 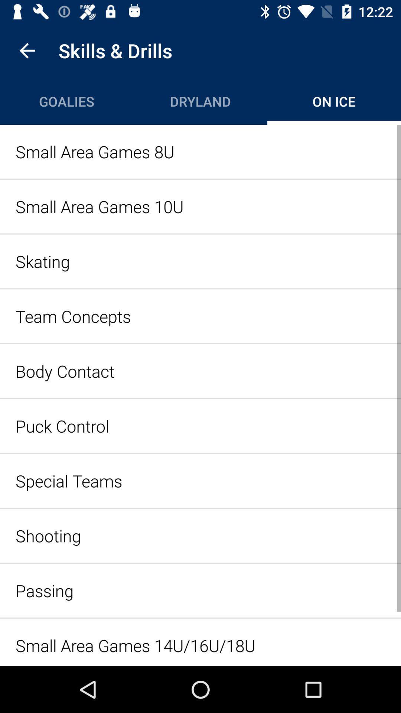 I want to click on the item below the small area games item, so click(x=200, y=261).